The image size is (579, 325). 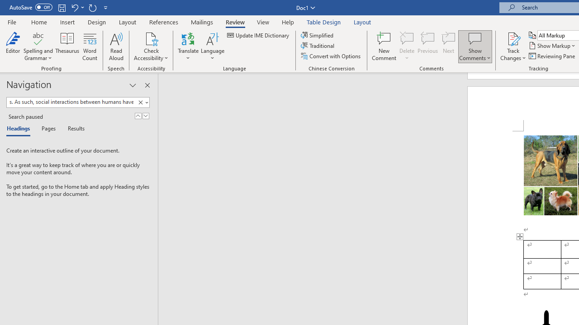 What do you see at coordinates (151, 46) in the screenshot?
I see `'Check Accessibility'` at bounding box center [151, 46].